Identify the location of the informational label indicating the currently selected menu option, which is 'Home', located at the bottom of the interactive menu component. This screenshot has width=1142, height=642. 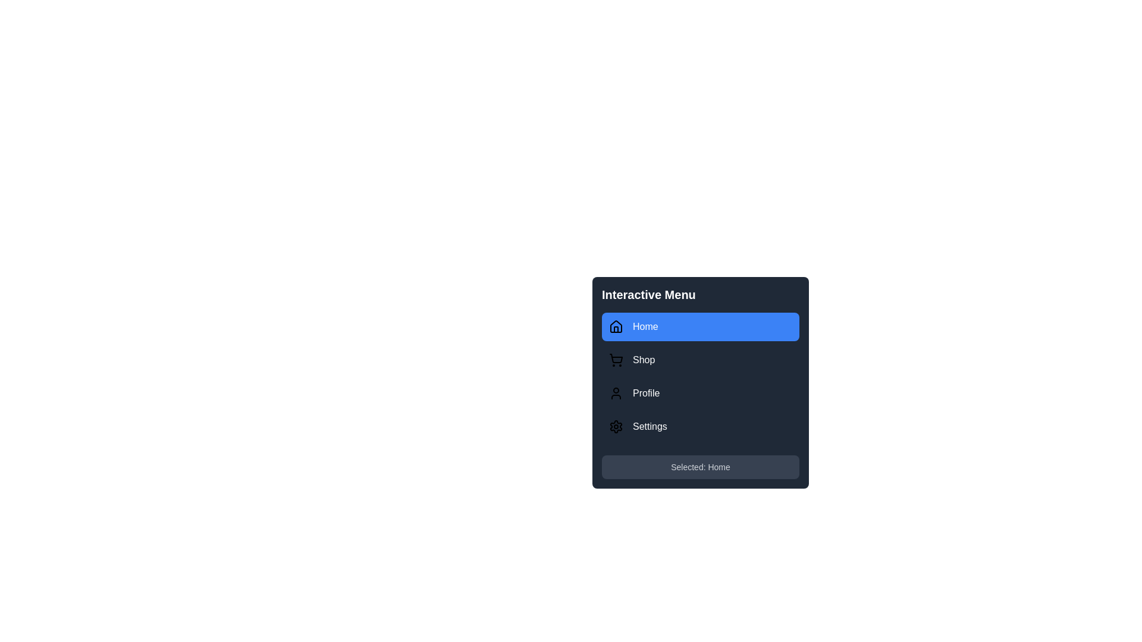
(700, 467).